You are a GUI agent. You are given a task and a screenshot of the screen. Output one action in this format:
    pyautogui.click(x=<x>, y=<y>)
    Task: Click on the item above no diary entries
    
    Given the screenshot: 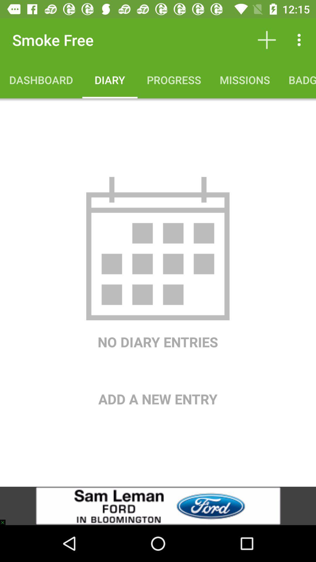 What is the action you would take?
    pyautogui.click(x=157, y=249)
    